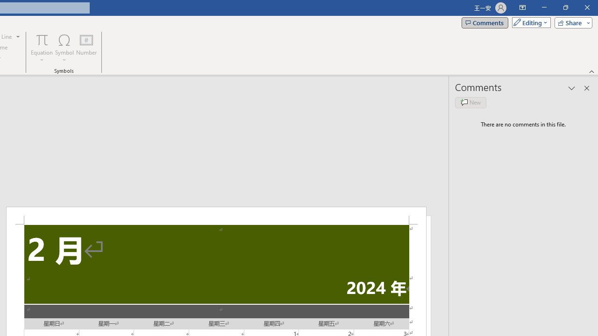 The height and width of the screenshot is (336, 598). I want to click on 'Number...', so click(86, 48).